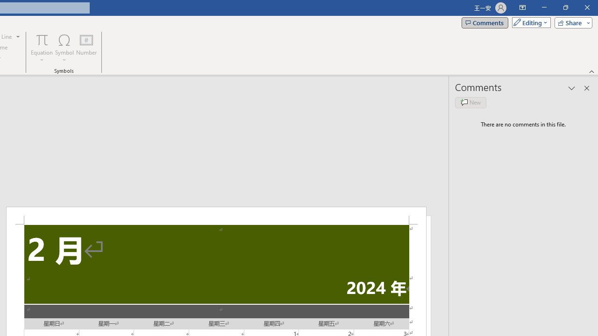 The height and width of the screenshot is (336, 598). I want to click on 'Number...', so click(86, 48).